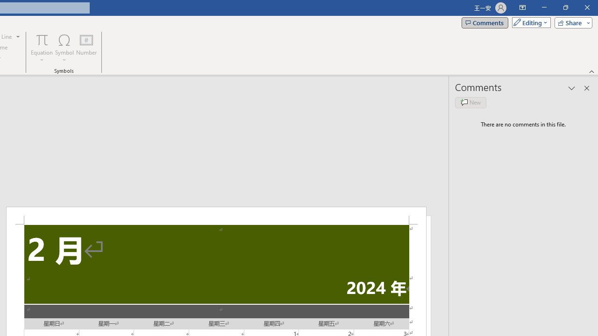 The height and width of the screenshot is (336, 598). I want to click on 'Number...', so click(86, 48).